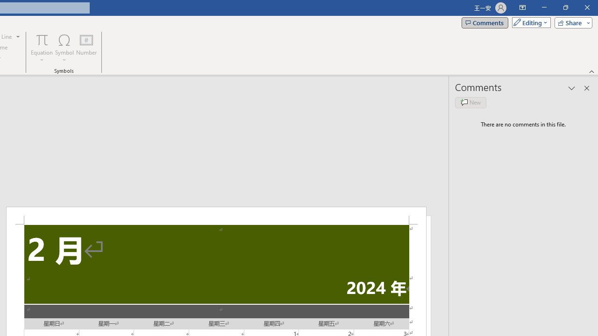 The height and width of the screenshot is (336, 598). I want to click on 'Number...', so click(86, 48).